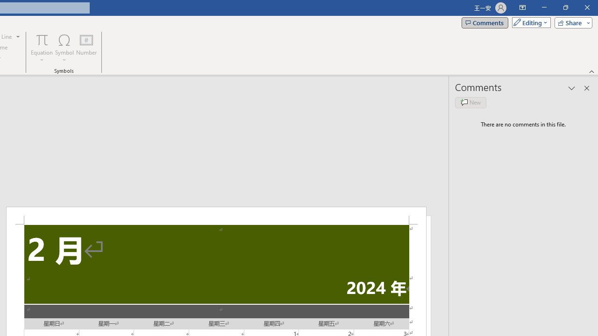 The height and width of the screenshot is (336, 598). I want to click on 'Number...', so click(86, 48).